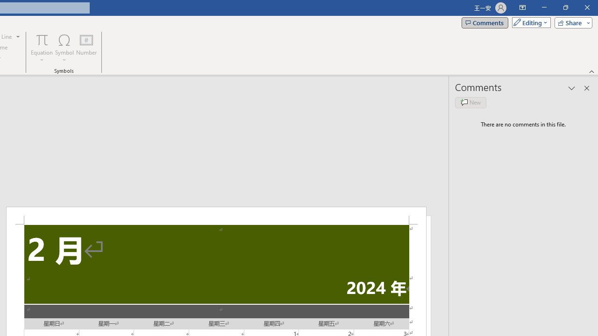 The height and width of the screenshot is (336, 598). I want to click on 'Number...', so click(86, 48).